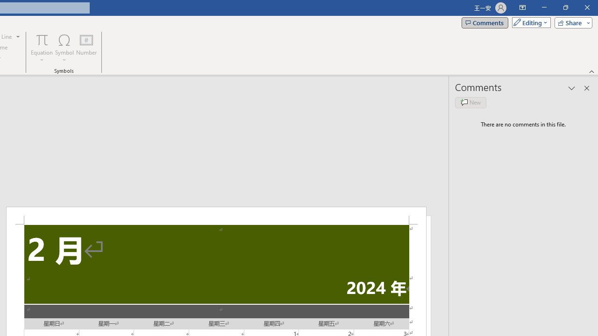 The height and width of the screenshot is (336, 598). I want to click on 'Number...', so click(86, 48).